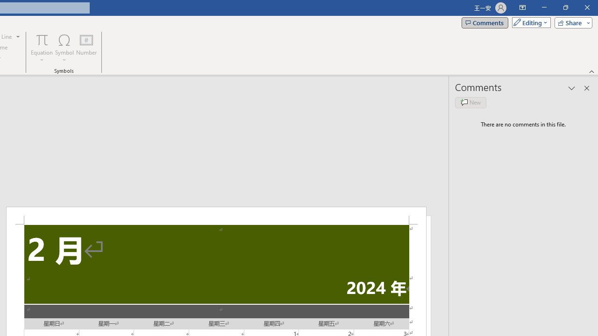 The height and width of the screenshot is (336, 598). I want to click on 'Number...', so click(86, 48).